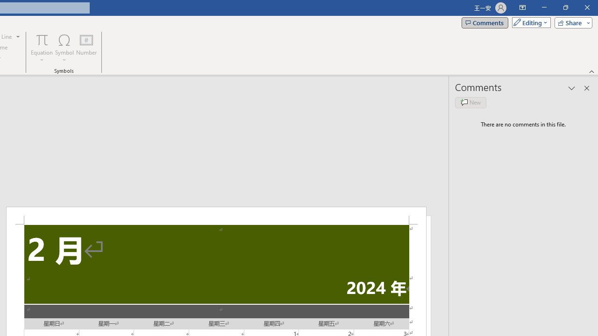 The height and width of the screenshot is (336, 598). I want to click on 'Number...', so click(86, 48).